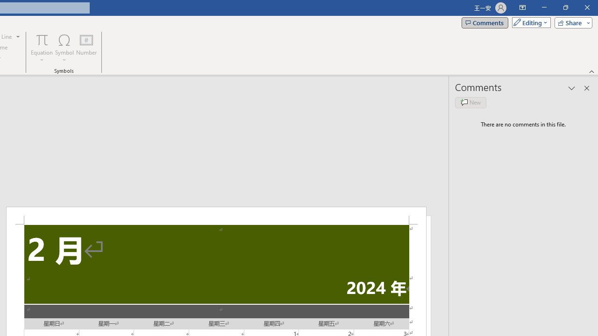 The height and width of the screenshot is (336, 598). I want to click on 'Number...', so click(86, 48).